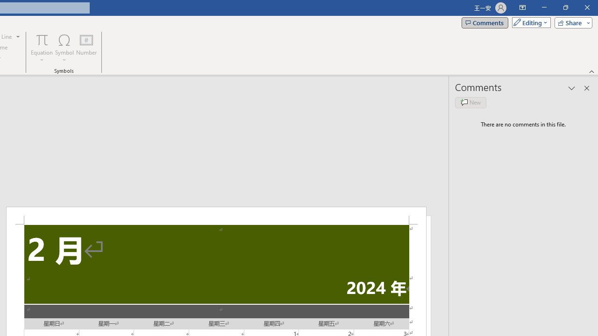 The height and width of the screenshot is (336, 598). I want to click on 'Number...', so click(86, 48).